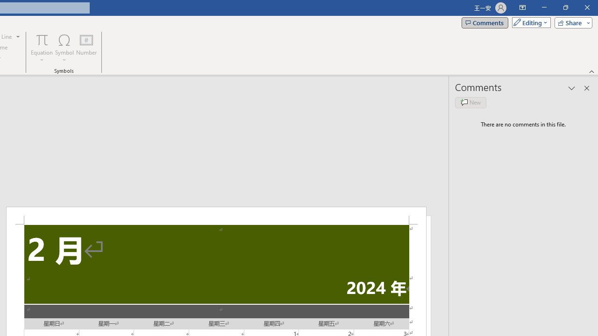 The height and width of the screenshot is (336, 598). I want to click on 'Number...', so click(86, 48).